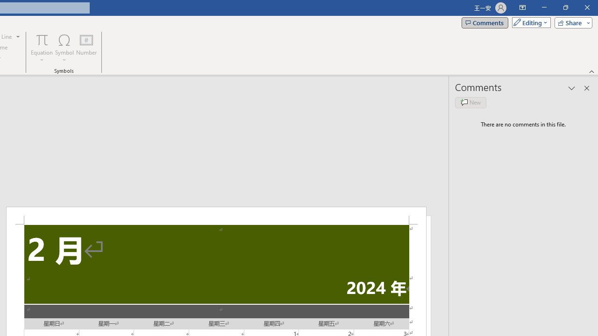 The height and width of the screenshot is (336, 598). I want to click on 'Number...', so click(86, 48).